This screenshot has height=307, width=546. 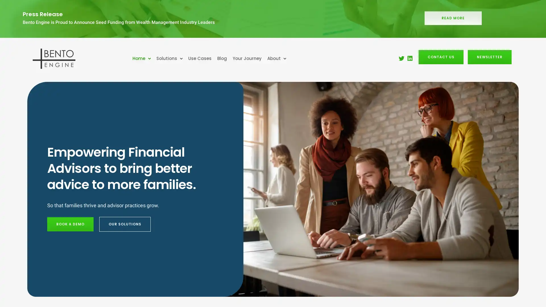 What do you see at coordinates (440, 57) in the screenshot?
I see `CONTACT US` at bounding box center [440, 57].